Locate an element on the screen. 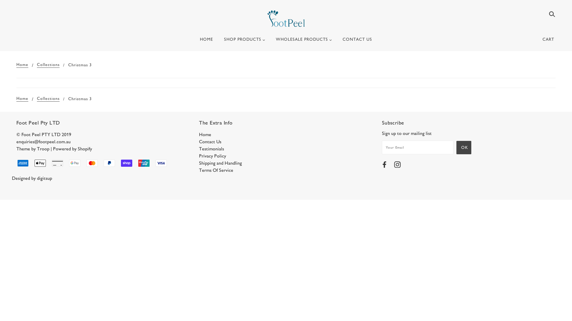 This screenshot has width=572, height=321. 'Testimonials' is located at coordinates (212, 148).